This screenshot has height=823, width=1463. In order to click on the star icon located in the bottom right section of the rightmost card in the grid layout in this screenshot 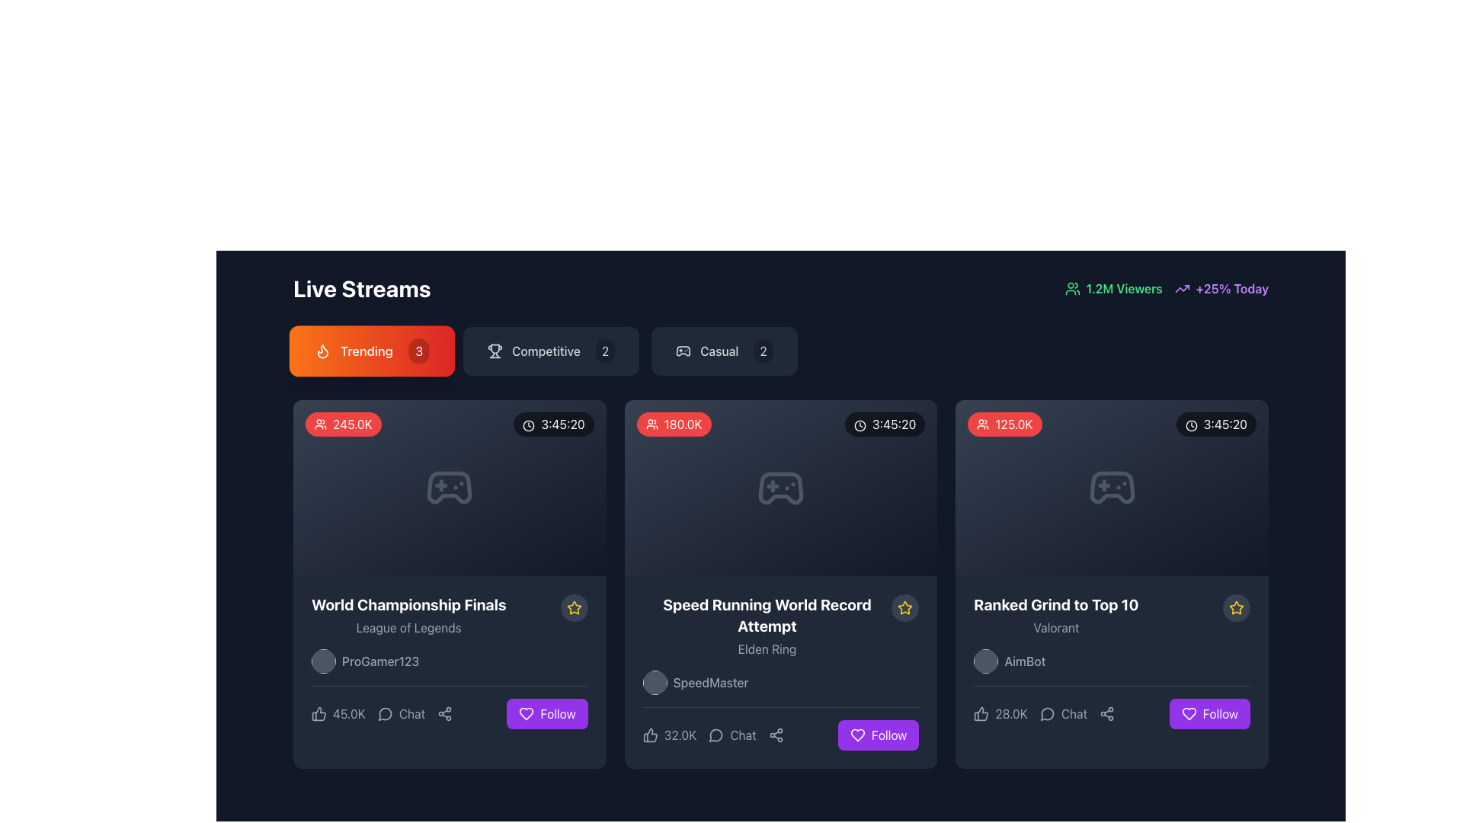, I will do `click(1236, 607)`.